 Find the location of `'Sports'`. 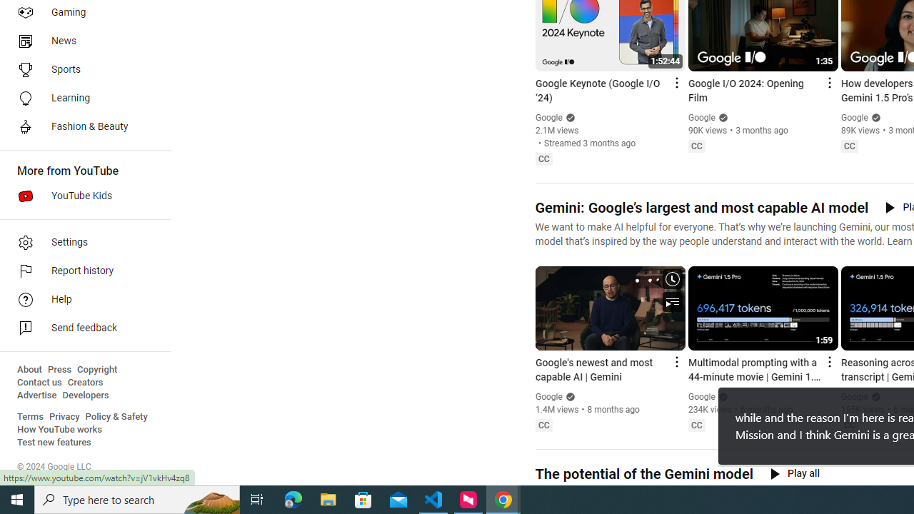

'Sports' is located at coordinates (80, 69).